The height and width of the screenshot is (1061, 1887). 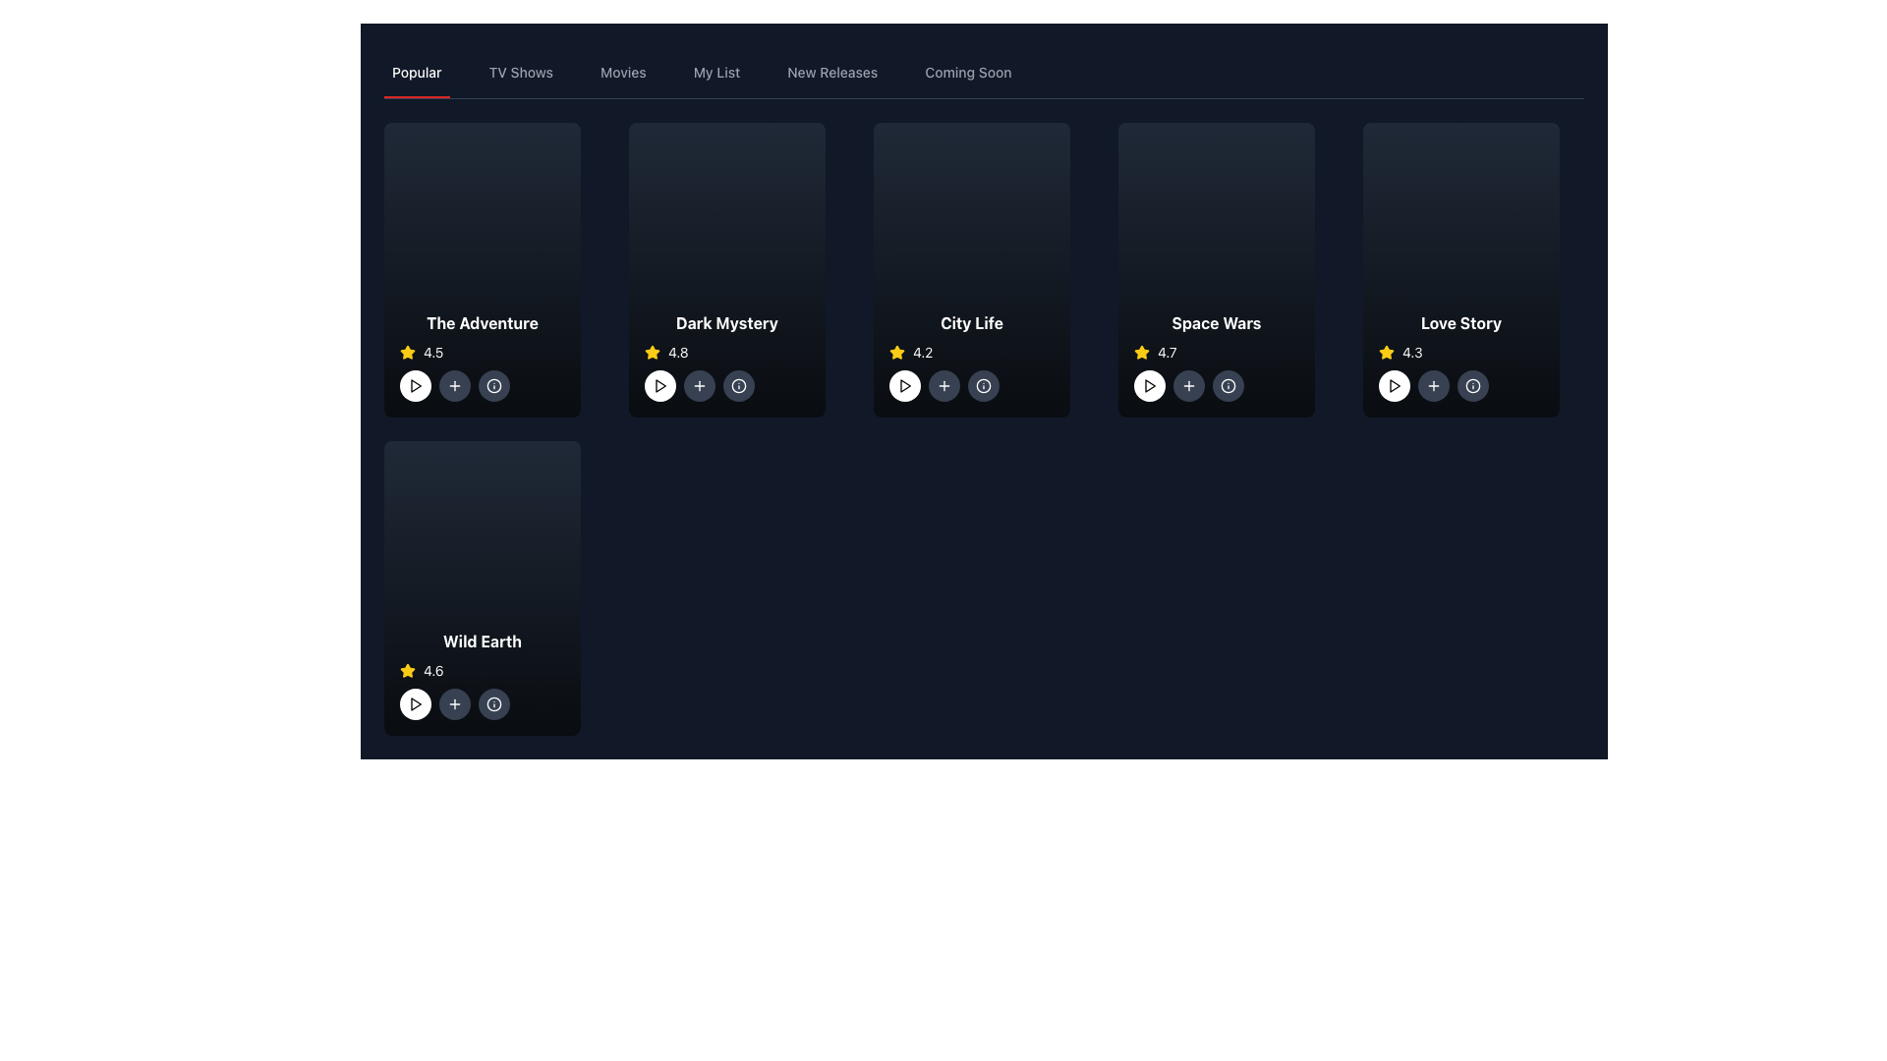 What do you see at coordinates (738, 386) in the screenshot?
I see `the rightmost button in the horizontal action bar under the 'Dark Mystery' card` at bounding box center [738, 386].